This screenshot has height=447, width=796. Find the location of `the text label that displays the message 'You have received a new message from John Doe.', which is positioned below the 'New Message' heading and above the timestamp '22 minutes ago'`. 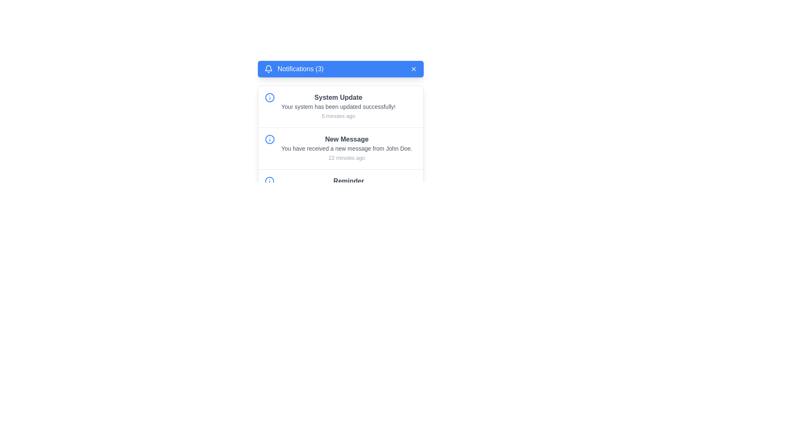

the text label that displays the message 'You have received a new message from John Doe.', which is positioned below the 'New Message' heading and above the timestamp '22 minutes ago' is located at coordinates (347, 148).